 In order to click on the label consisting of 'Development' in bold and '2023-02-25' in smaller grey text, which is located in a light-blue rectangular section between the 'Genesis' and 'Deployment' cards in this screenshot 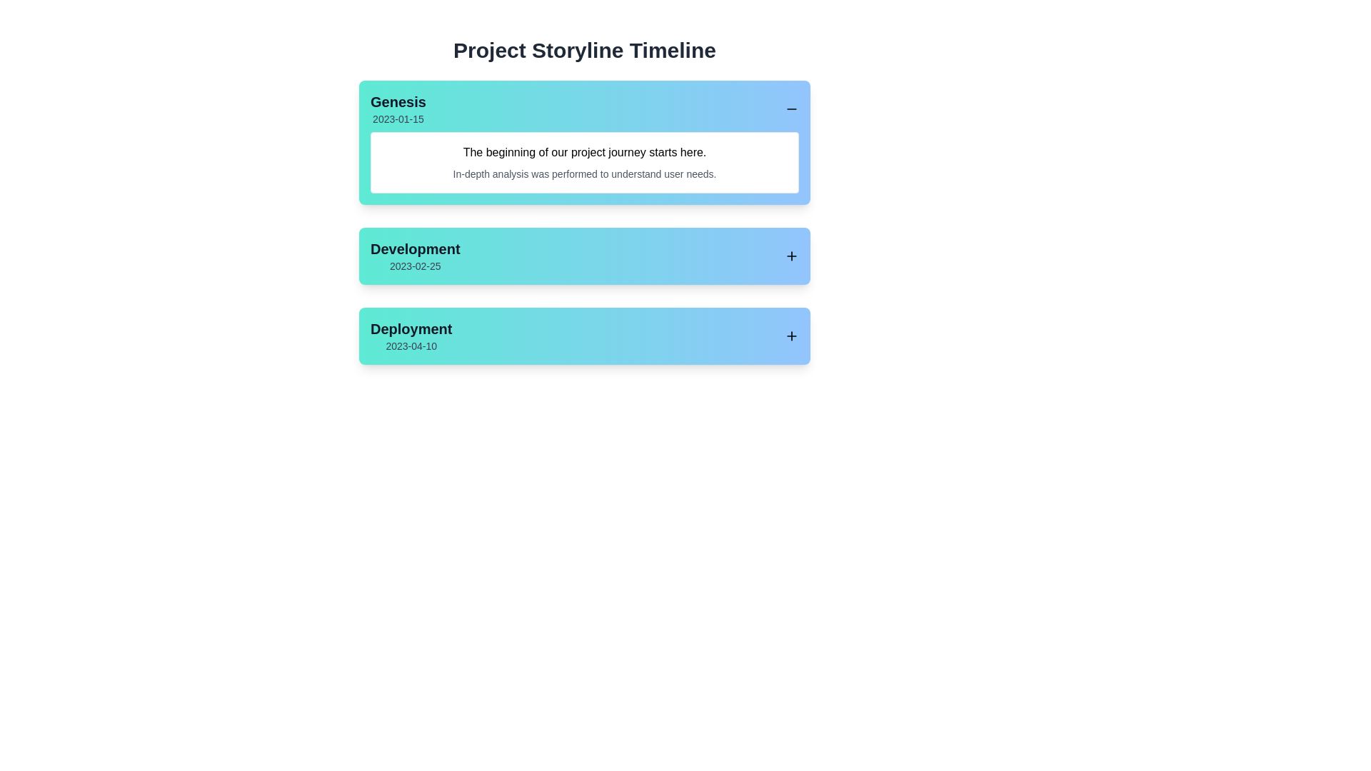, I will do `click(414, 255)`.